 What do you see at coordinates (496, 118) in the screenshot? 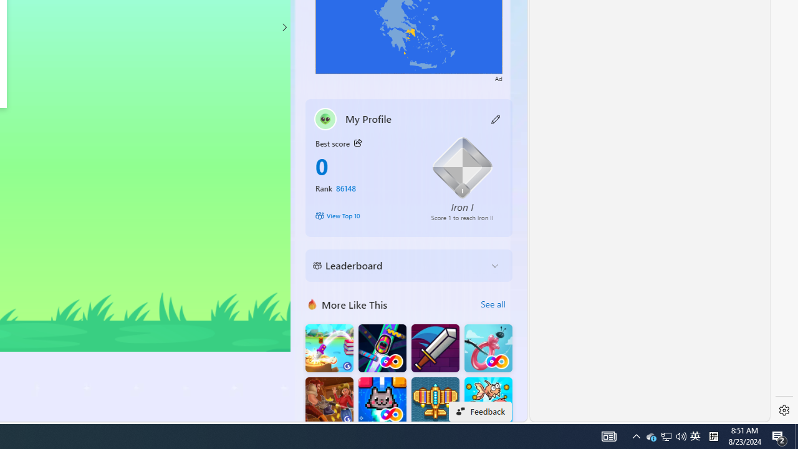
I see `'Class: button edit-icon'` at bounding box center [496, 118].